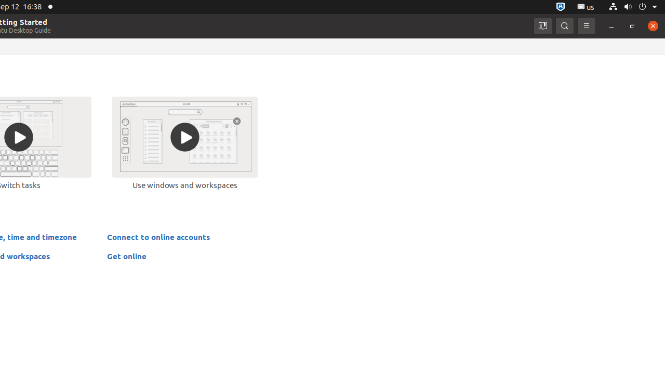  What do you see at coordinates (158, 236) in the screenshot?
I see `'Connect to online accounts'` at bounding box center [158, 236].